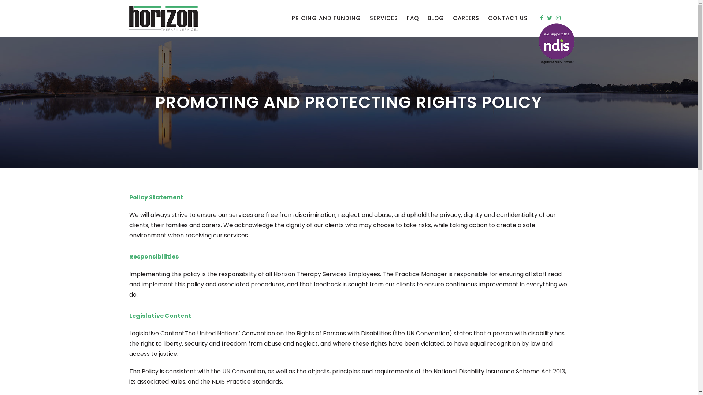 The width and height of the screenshot is (703, 395). I want to click on 'CAREERS', so click(465, 18).